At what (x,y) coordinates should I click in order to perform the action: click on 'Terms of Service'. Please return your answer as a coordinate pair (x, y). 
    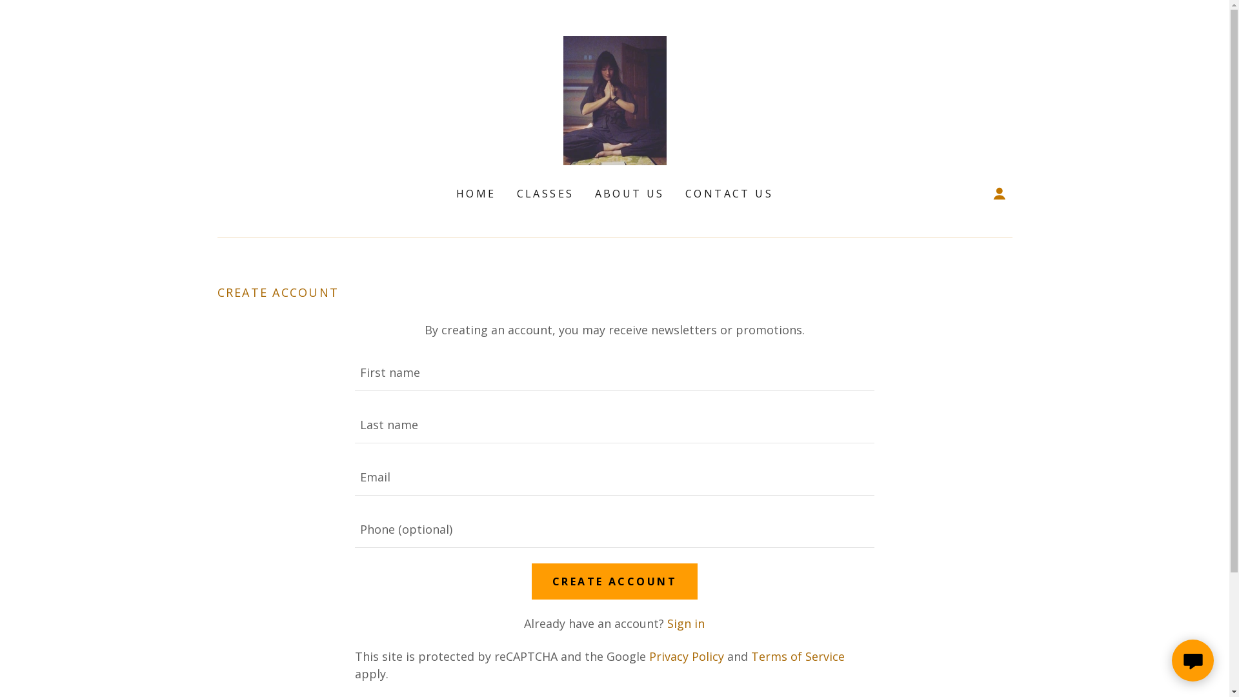
    Looking at the image, I should click on (797, 656).